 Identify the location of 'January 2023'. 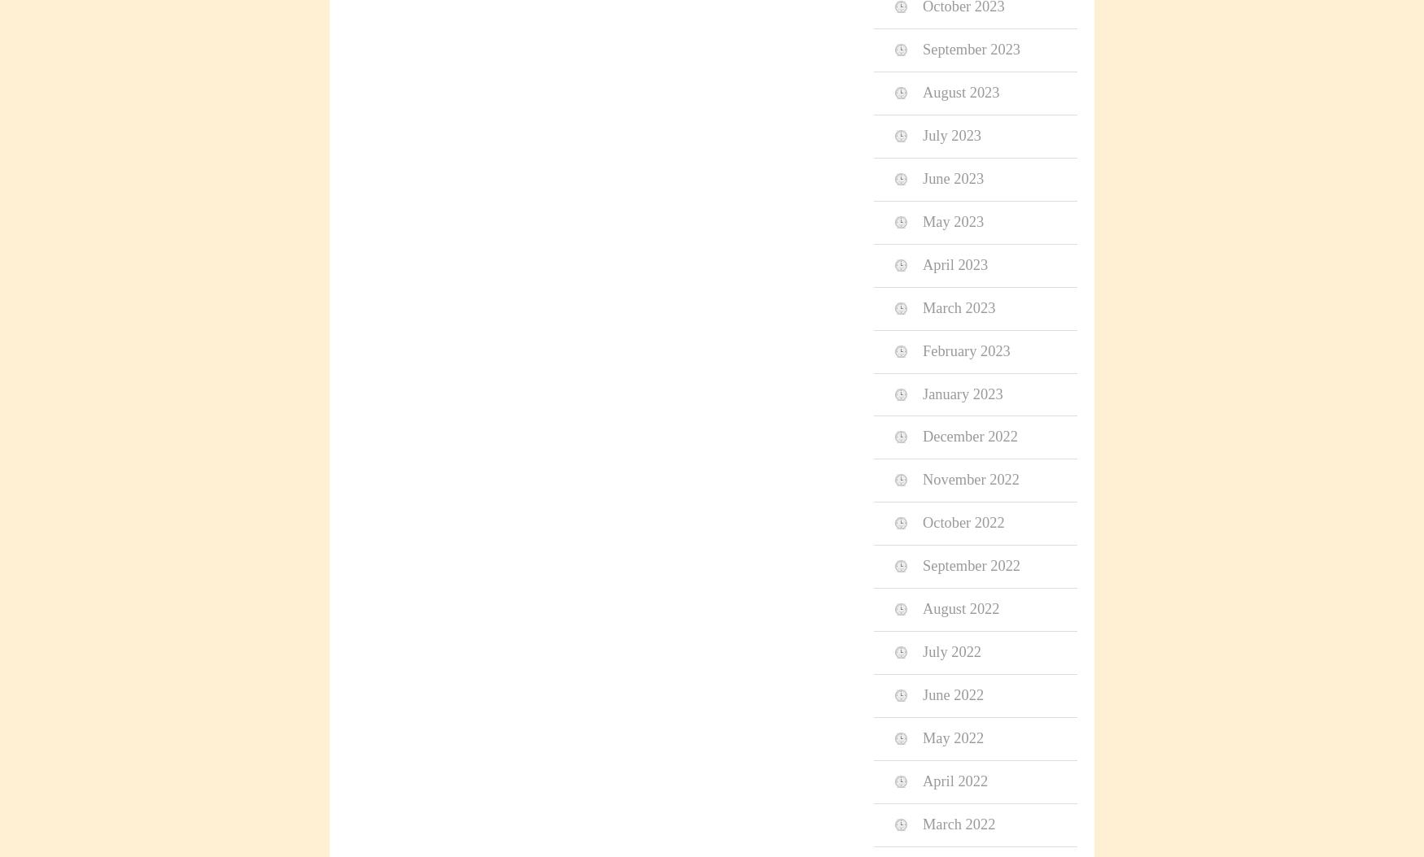
(962, 392).